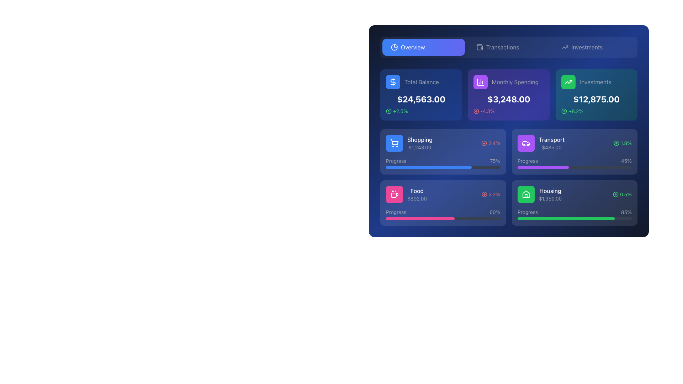  What do you see at coordinates (576, 111) in the screenshot?
I see `the static text element that shows an 8.2% growth related to 'Investments', located beneath the '$12,875.00' value in the top-right section of the UI` at bounding box center [576, 111].